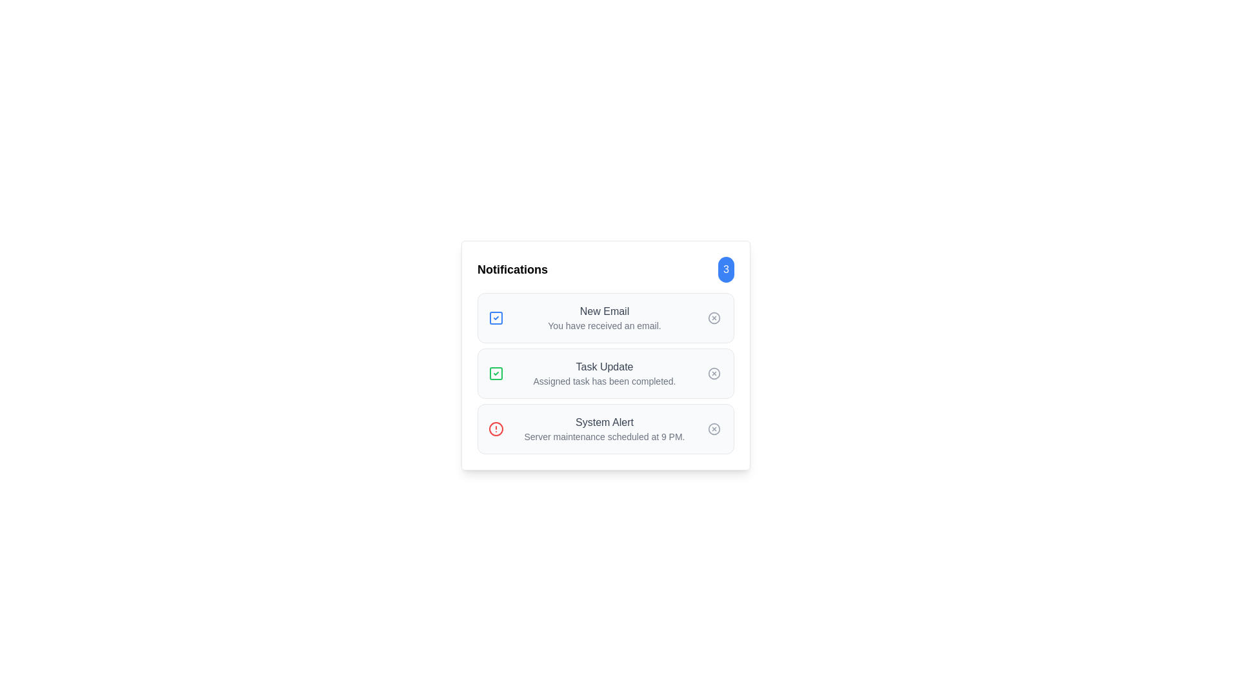 The height and width of the screenshot is (697, 1239). I want to click on information in the Text Block that contains the lines 'Task Update' and 'Assigned task has been completed.', so click(603, 373).